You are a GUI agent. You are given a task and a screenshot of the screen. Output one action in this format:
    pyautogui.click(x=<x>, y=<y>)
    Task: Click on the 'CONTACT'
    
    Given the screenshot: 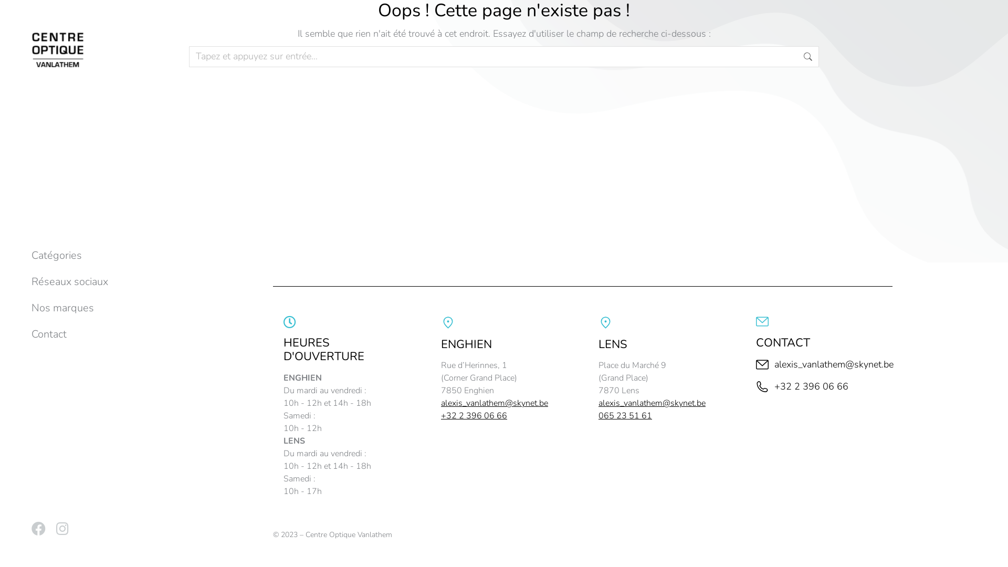 What is the action you would take?
    pyautogui.click(x=783, y=342)
    